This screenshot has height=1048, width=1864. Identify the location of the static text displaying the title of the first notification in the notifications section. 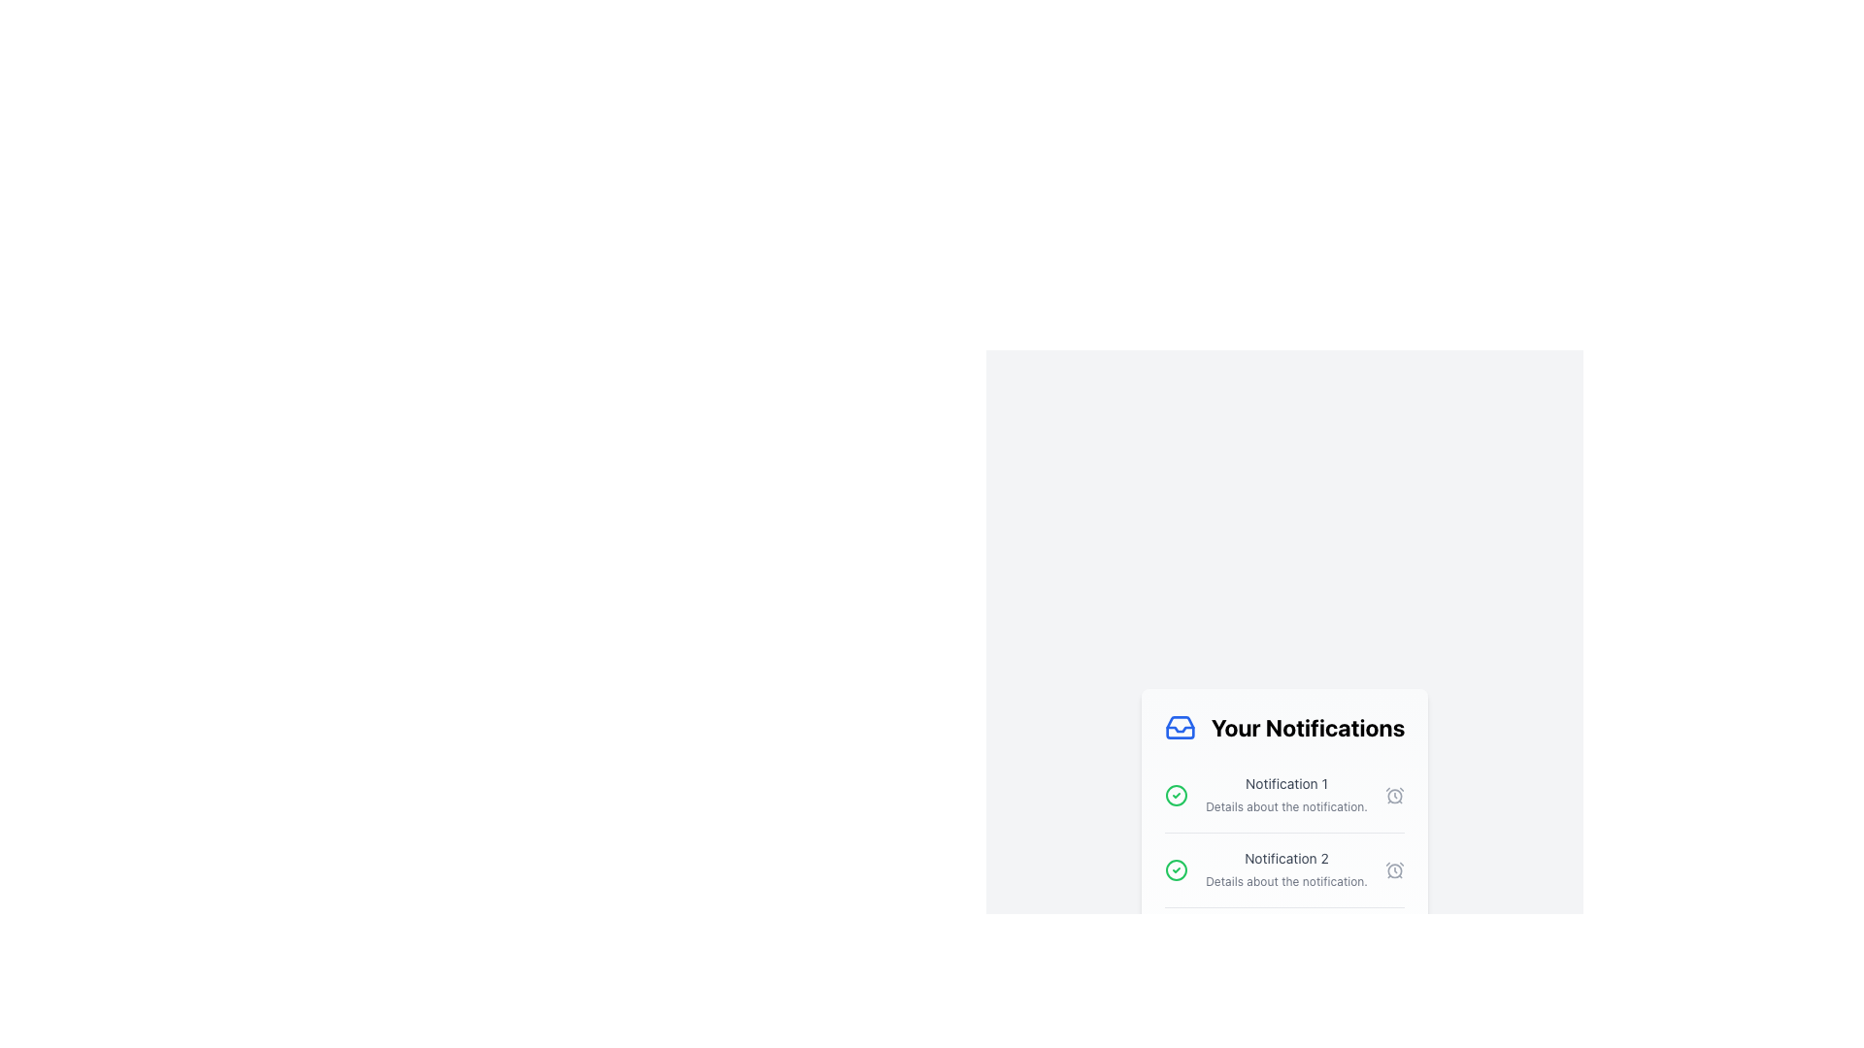
(1286, 782).